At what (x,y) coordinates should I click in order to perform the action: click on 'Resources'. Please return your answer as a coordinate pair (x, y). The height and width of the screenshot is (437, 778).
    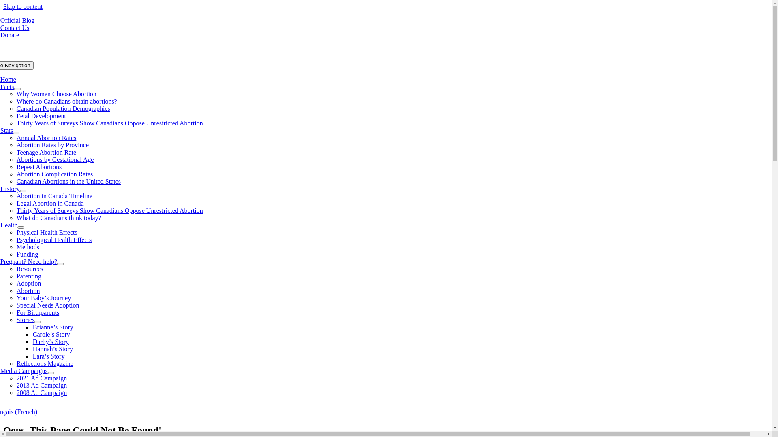
    Looking at the image, I should click on (30, 269).